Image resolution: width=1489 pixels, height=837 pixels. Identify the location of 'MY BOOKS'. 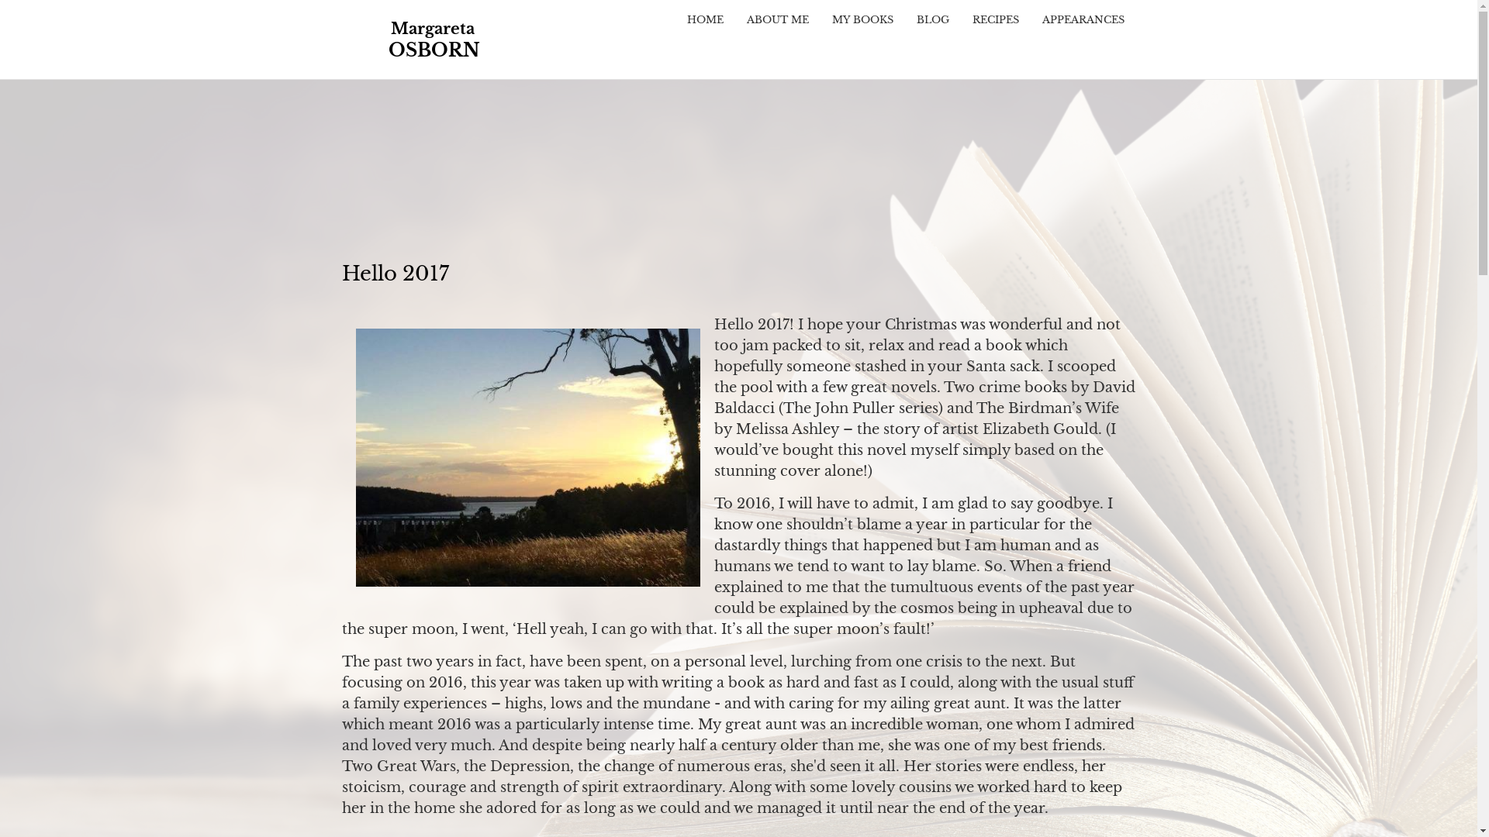
(862, 19).